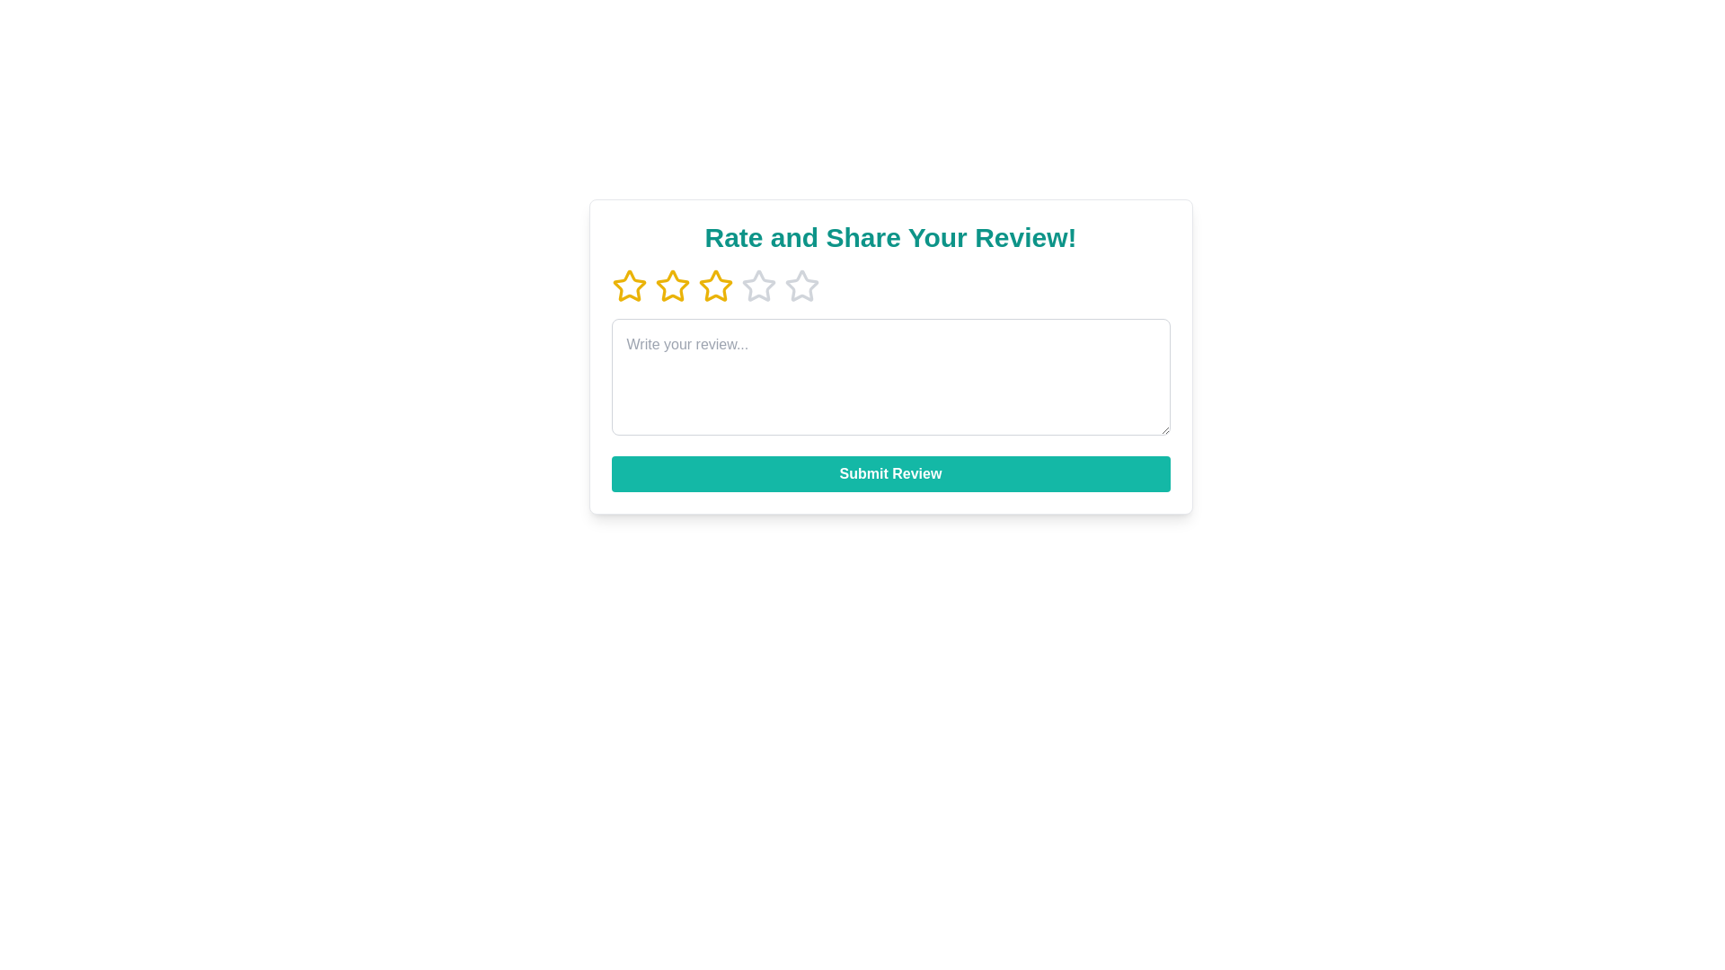  Describe the element at coordinates (714, 286) in the screenshot. I see `the movie rating to 3 stars by clicking the corresponding star` at that location.